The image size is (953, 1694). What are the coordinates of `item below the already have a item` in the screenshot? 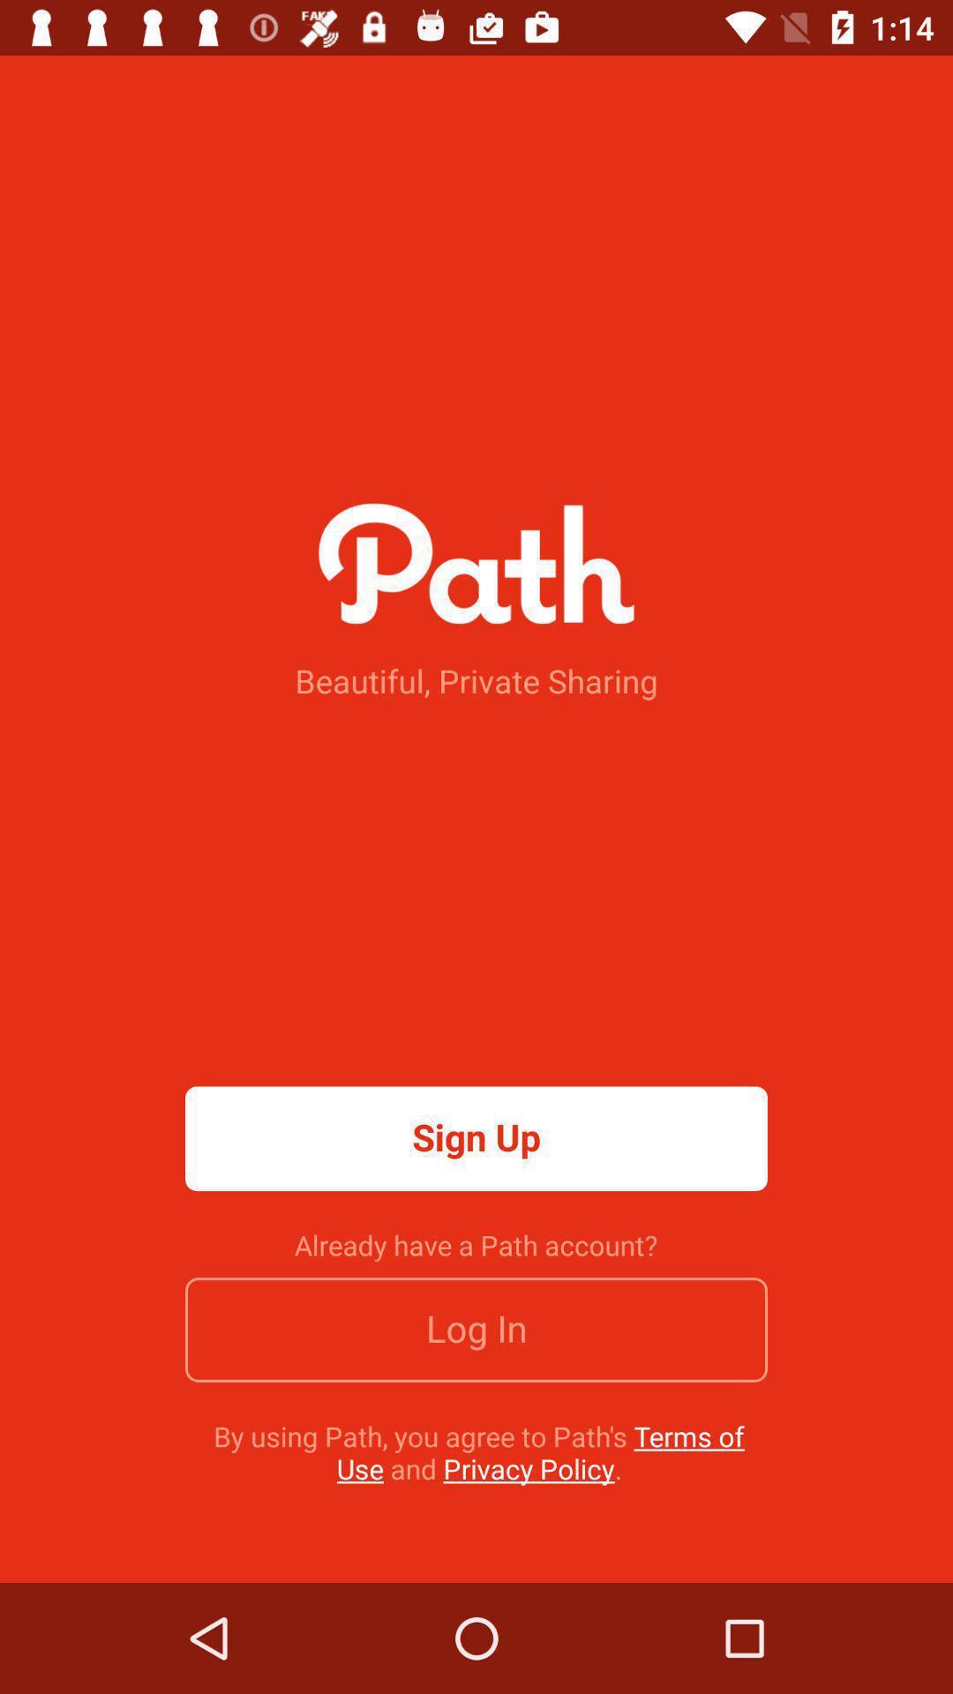 It's located at (476, 1330).